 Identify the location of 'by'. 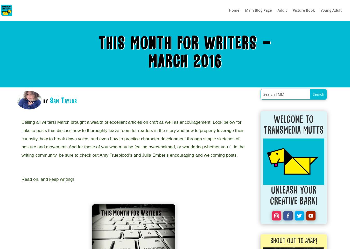
(46, 100).